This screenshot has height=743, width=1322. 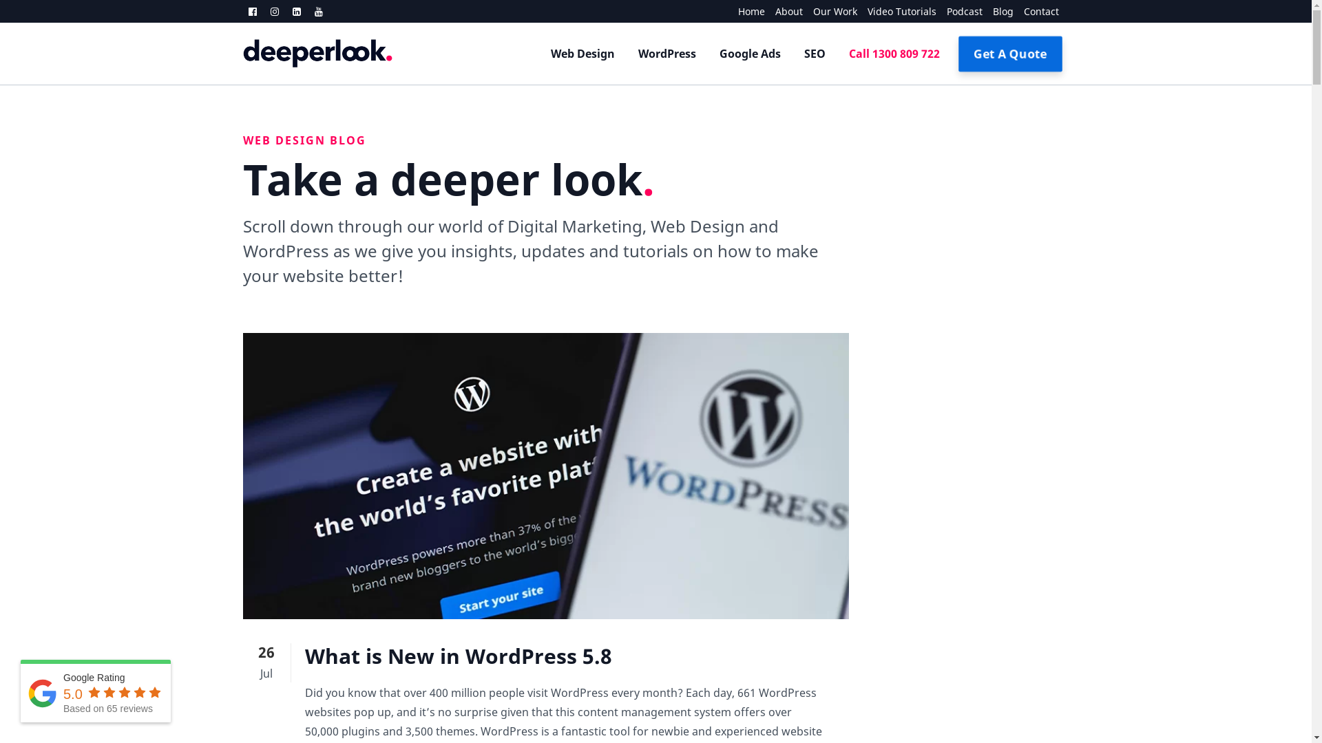 I want to click on 'Podcast', so click(x=958, y=11).